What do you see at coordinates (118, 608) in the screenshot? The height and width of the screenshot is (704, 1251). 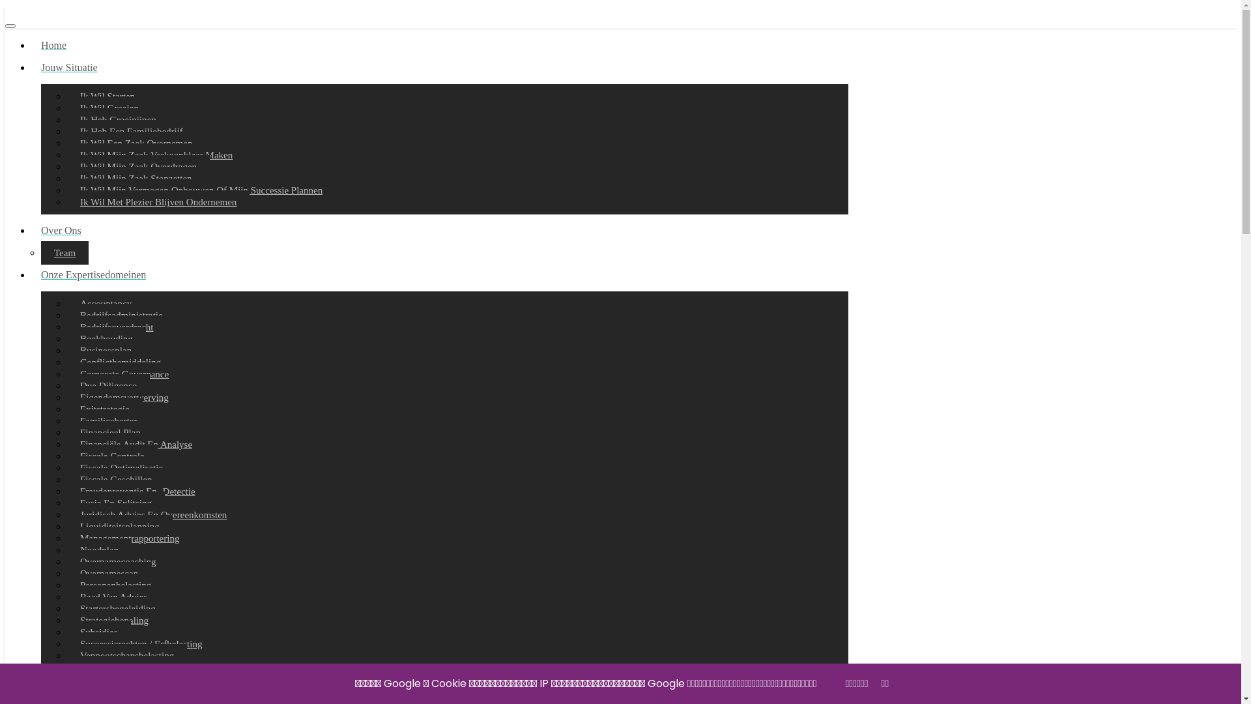 I see `'Startersbegeleiding'` at bounding box center [118, 608].